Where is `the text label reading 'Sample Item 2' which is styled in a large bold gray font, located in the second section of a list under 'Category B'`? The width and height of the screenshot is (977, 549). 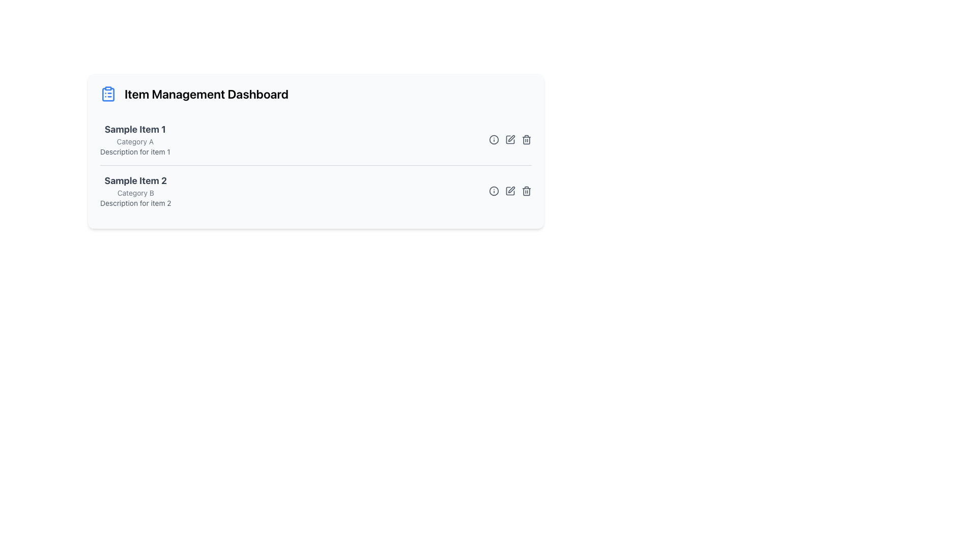
the text label reading 'Sample Item 2' which is styled in a large bold gray font, located in the second section of a list under 'Category B' is located at coordinates (135, 180).